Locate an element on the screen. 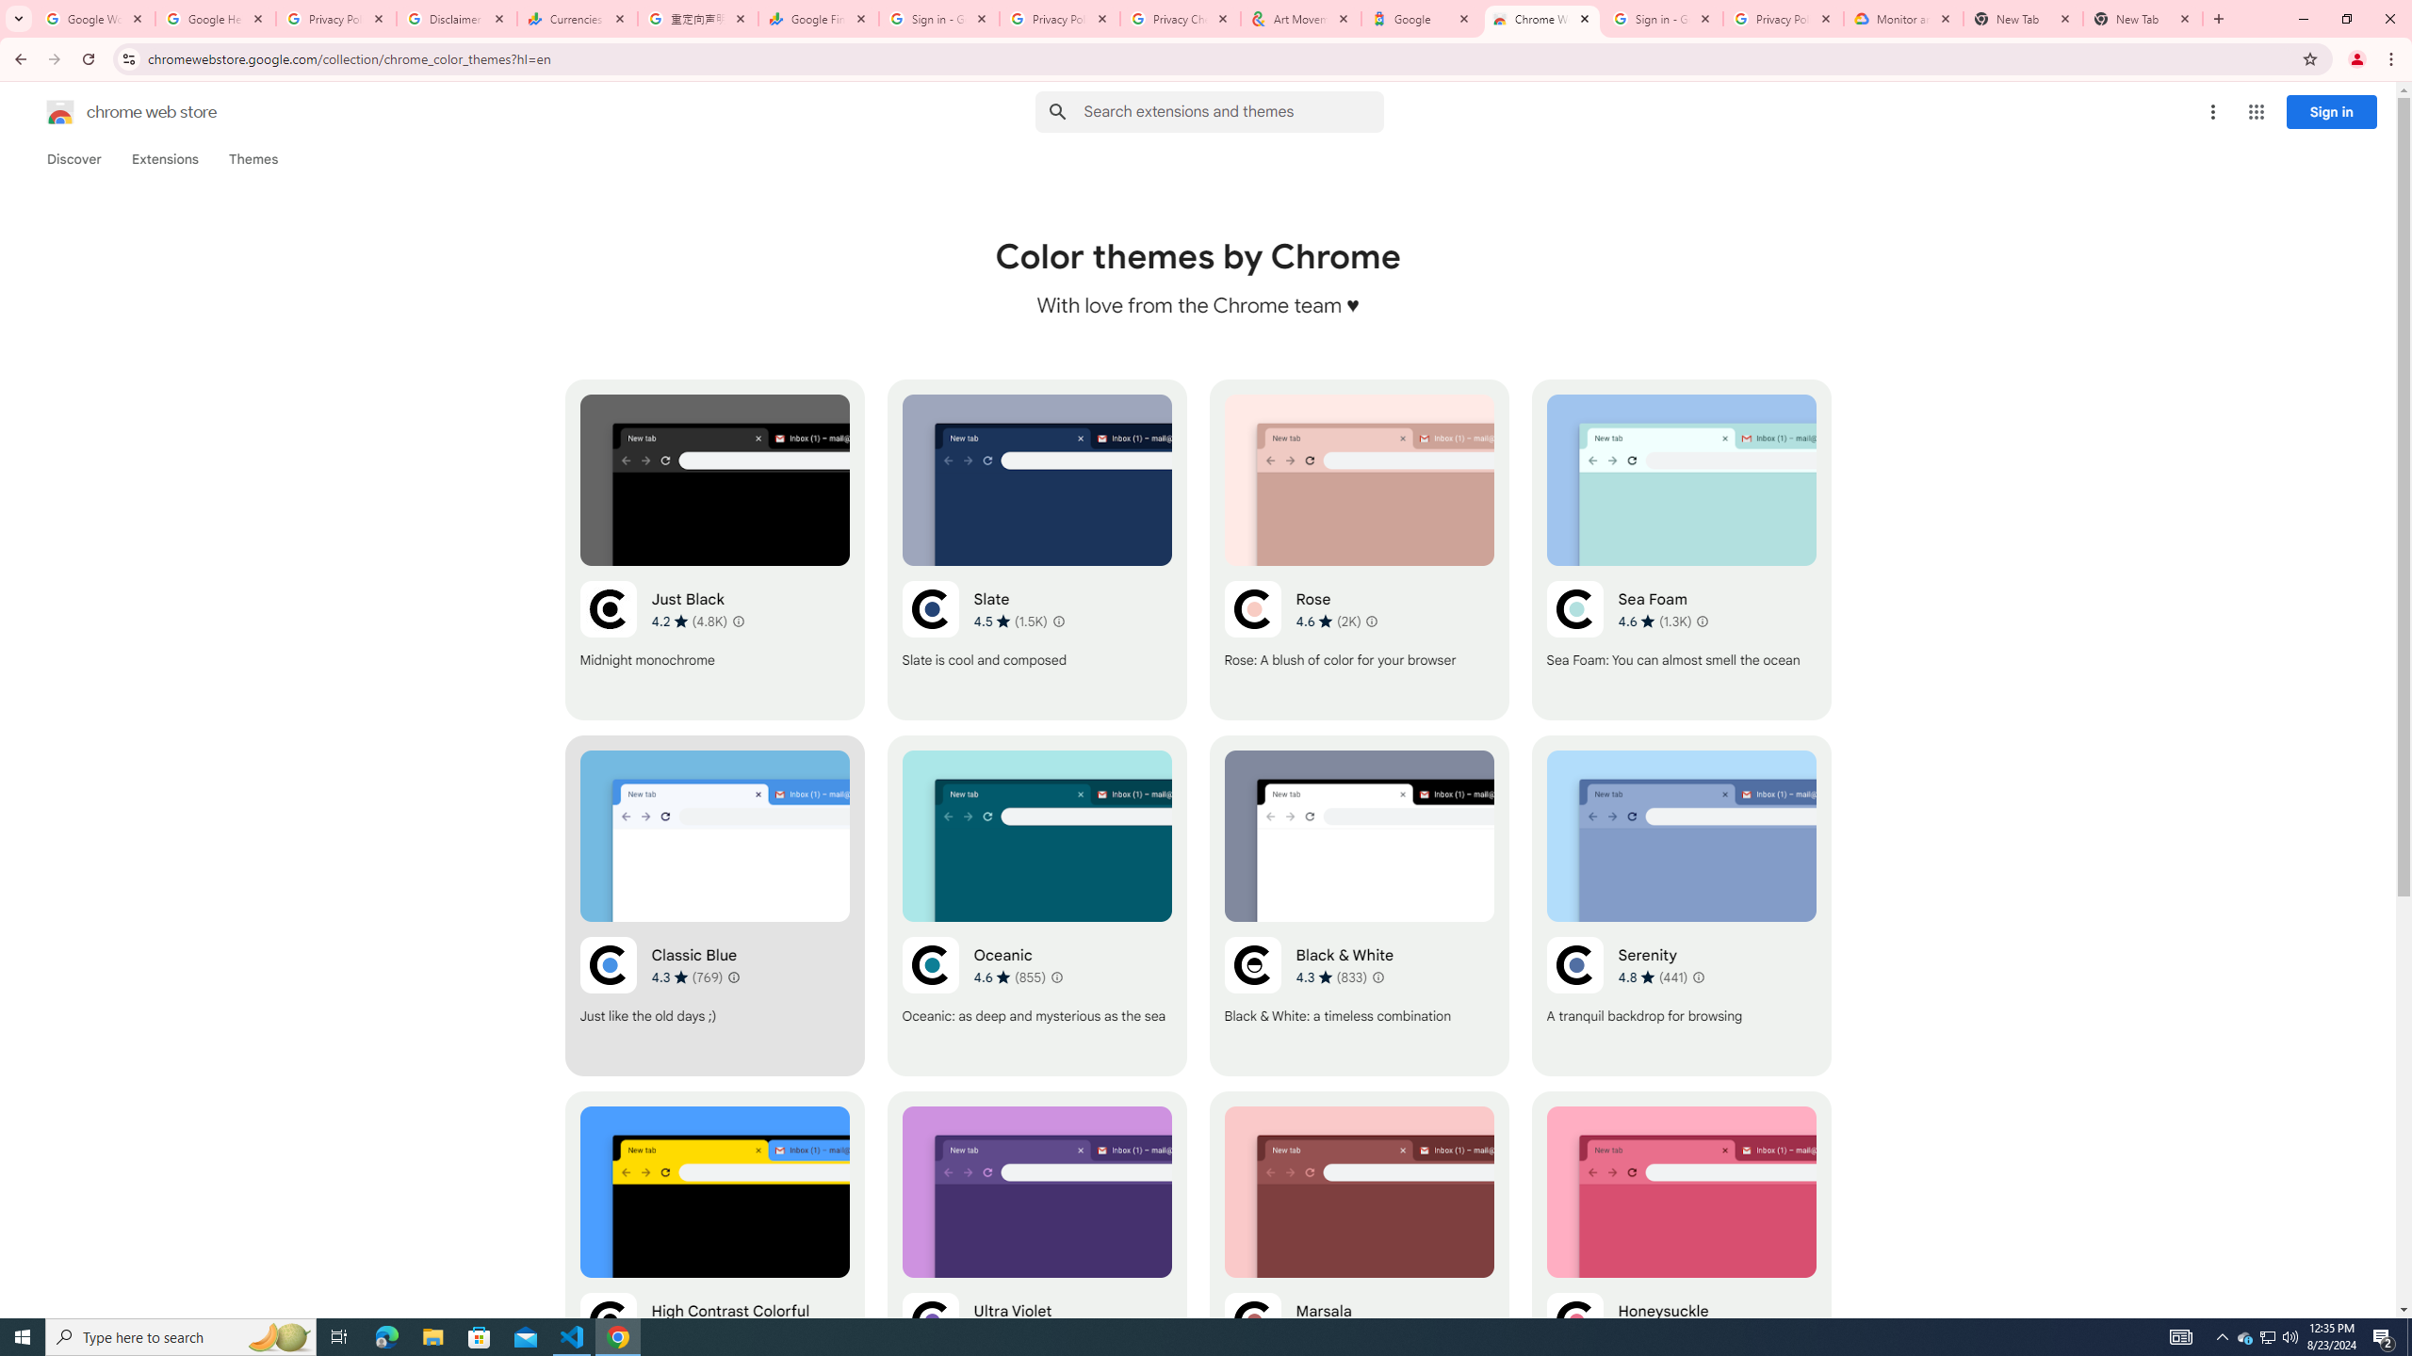 Image resolution: width=2412 pixels, height=1356 pixels. 'Classic Blue' is located at coordinates (714, 905).